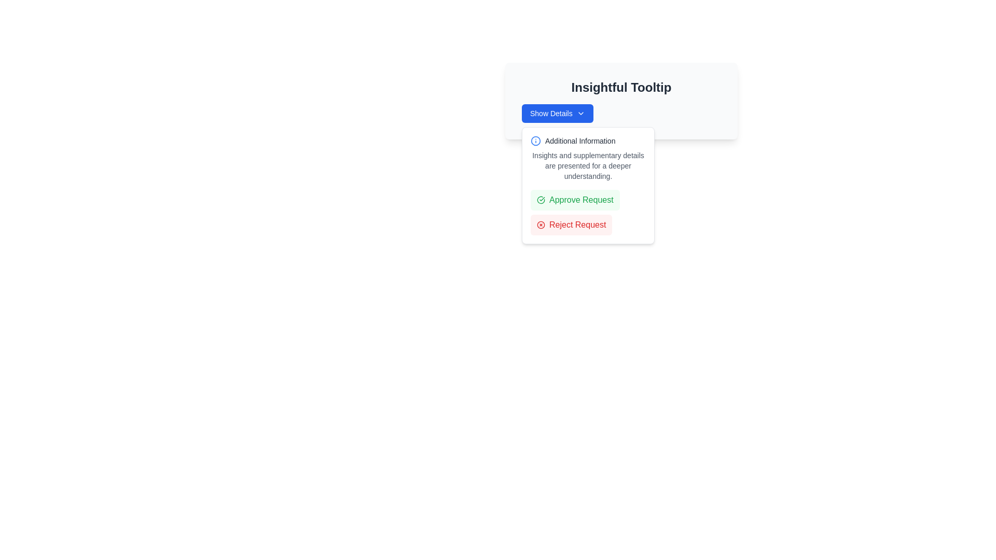 The width and height of the screenshot is (996, 560). I want to click on gray text element that is positioned below the 'Additional Information' heading and above the 'Approve Request' and 'Reject Request' buttons, so click(588, 165).